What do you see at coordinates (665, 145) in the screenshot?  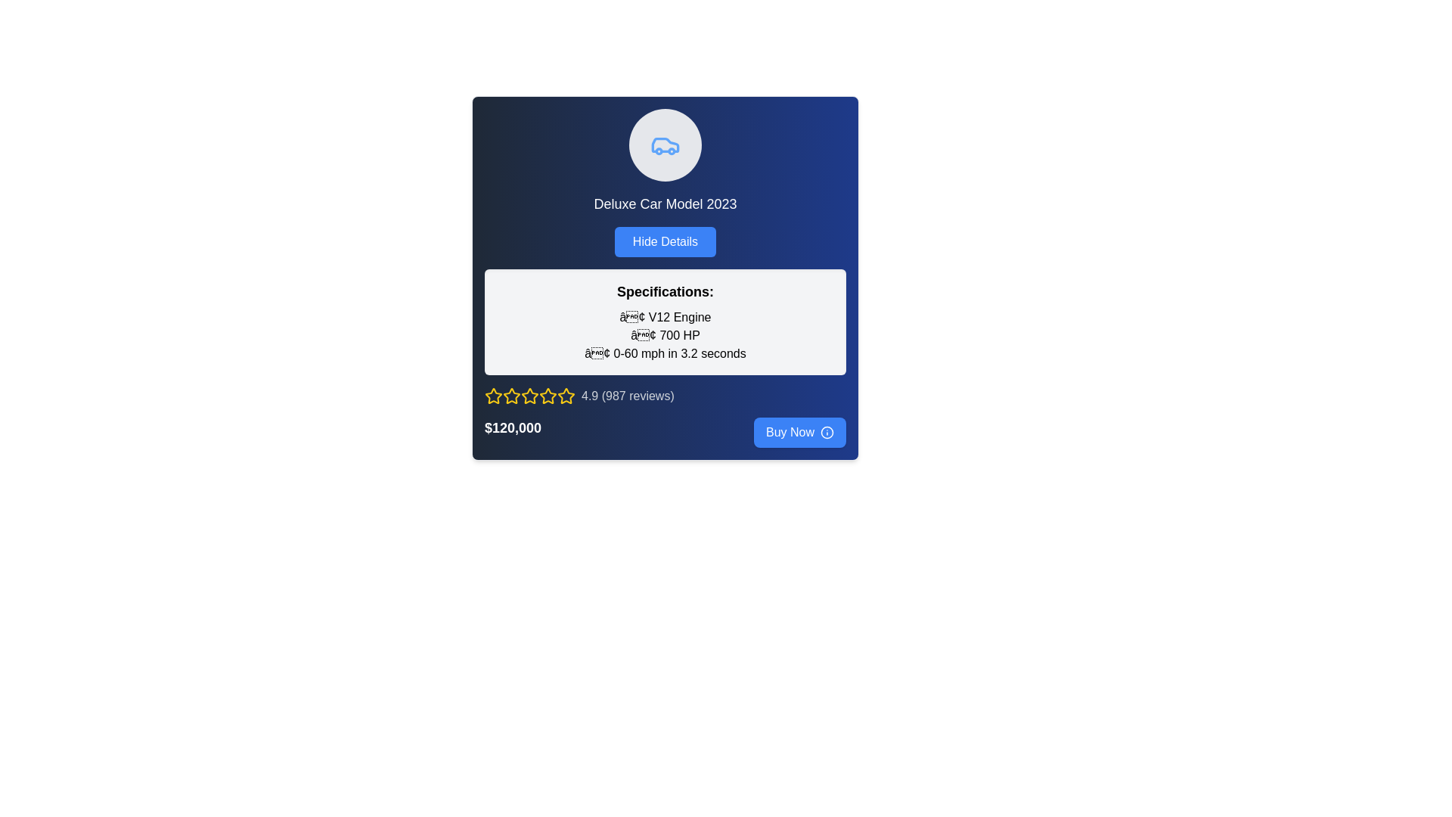 I see `the car icon located above the text 'Deluxe Car Model 2023' within the card` at bounding box center [665, 145].